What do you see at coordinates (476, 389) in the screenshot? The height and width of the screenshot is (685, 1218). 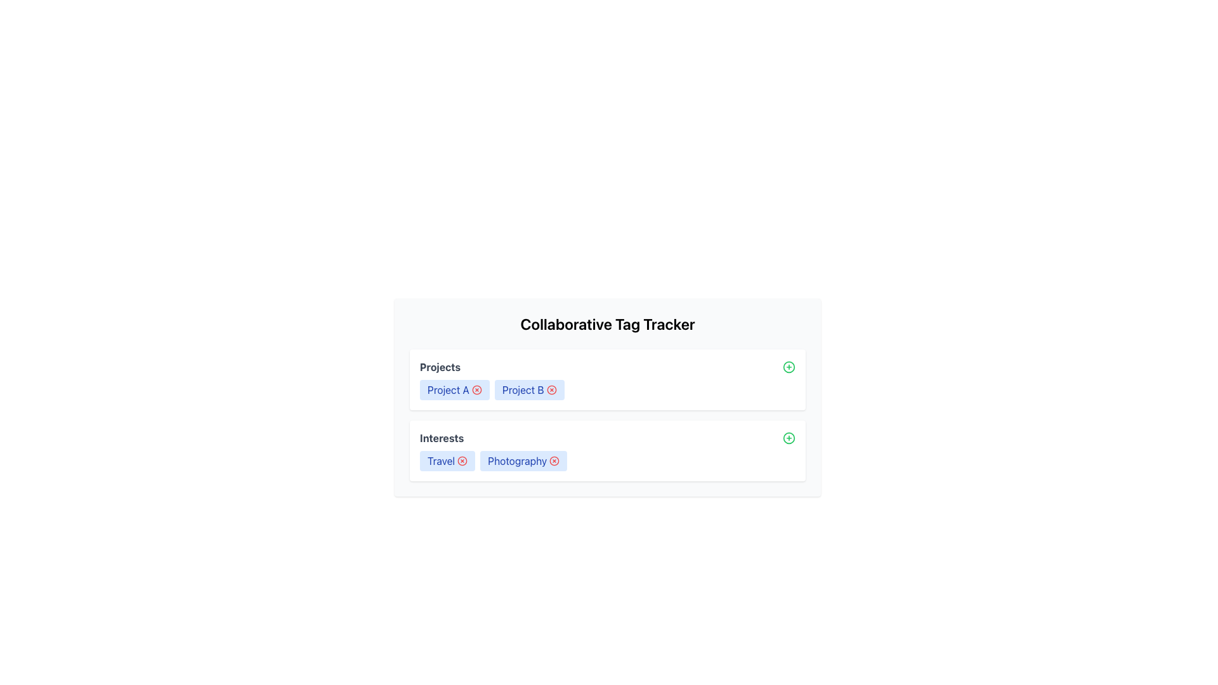 I see `the close icon button` at bounding box center [476, 389].